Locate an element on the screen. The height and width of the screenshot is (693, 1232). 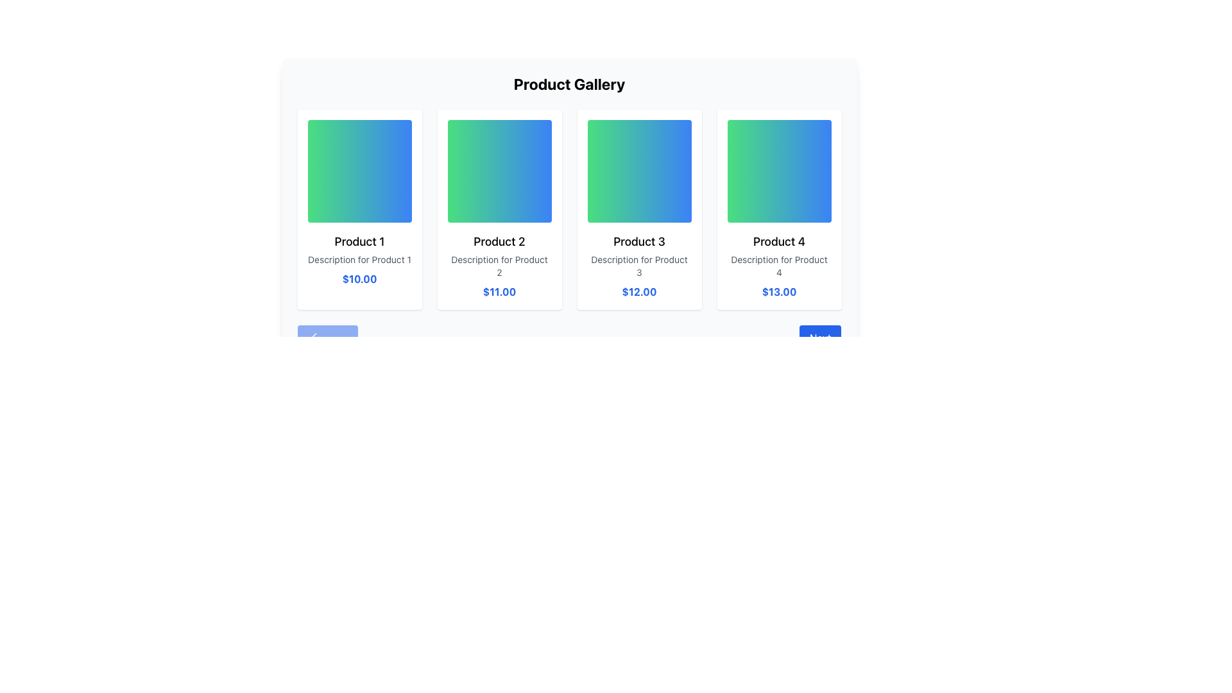
the price display element showing '$13.00' in bold blue text located at the bottom of the last product card in the gallery for potential interaction is located at coordinates (778, 292).